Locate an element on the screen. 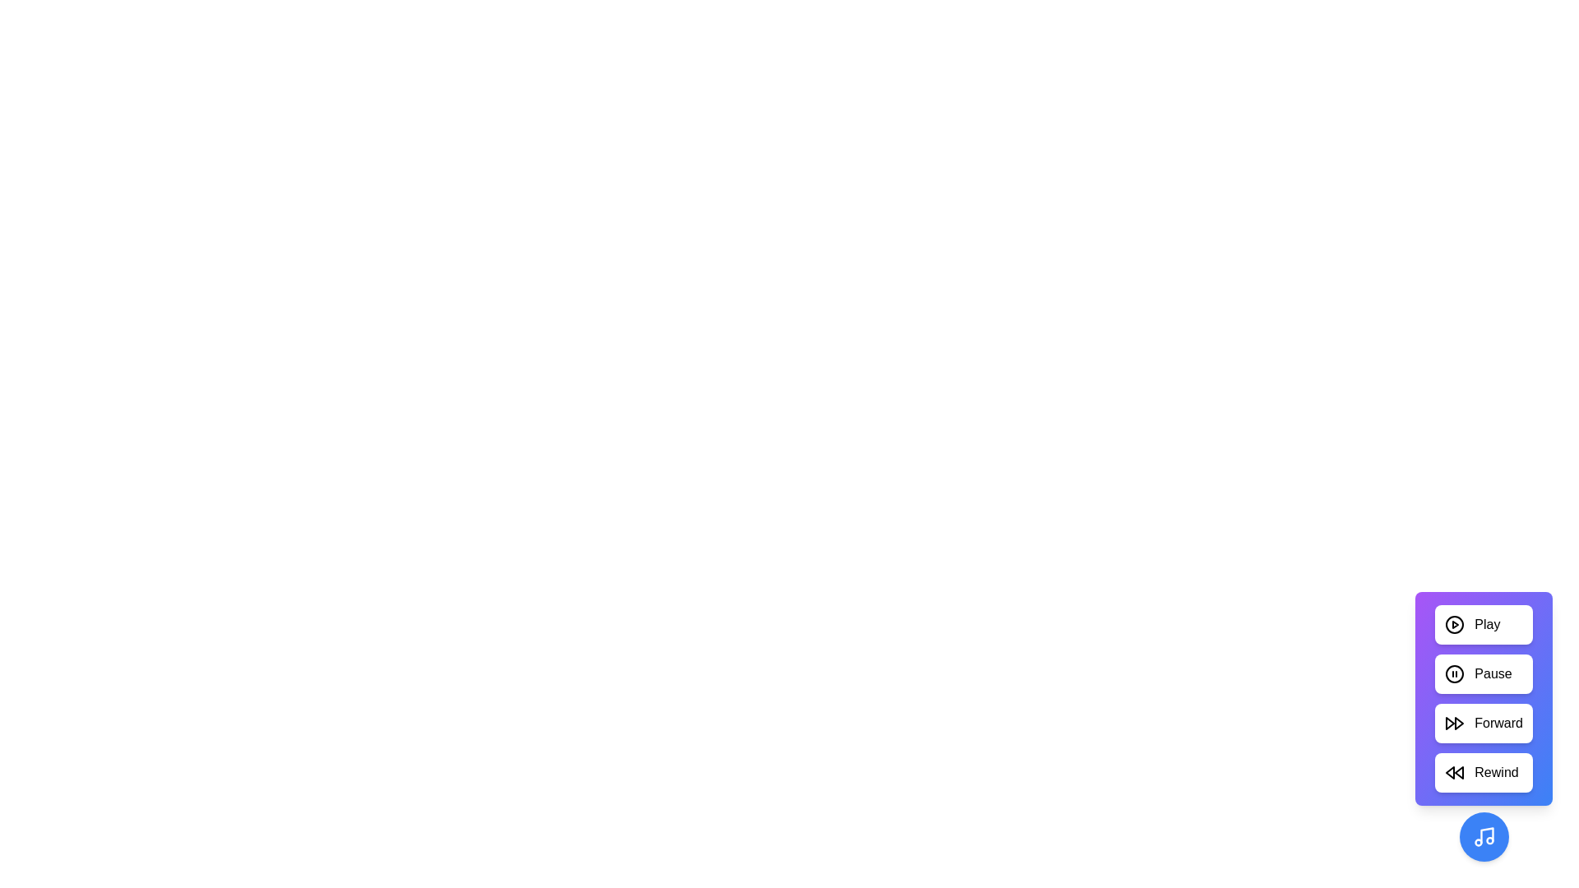 The image size is (1579, 888). the 'Rewind' button to activate the rewind action is located at coordinates (1484, 773).